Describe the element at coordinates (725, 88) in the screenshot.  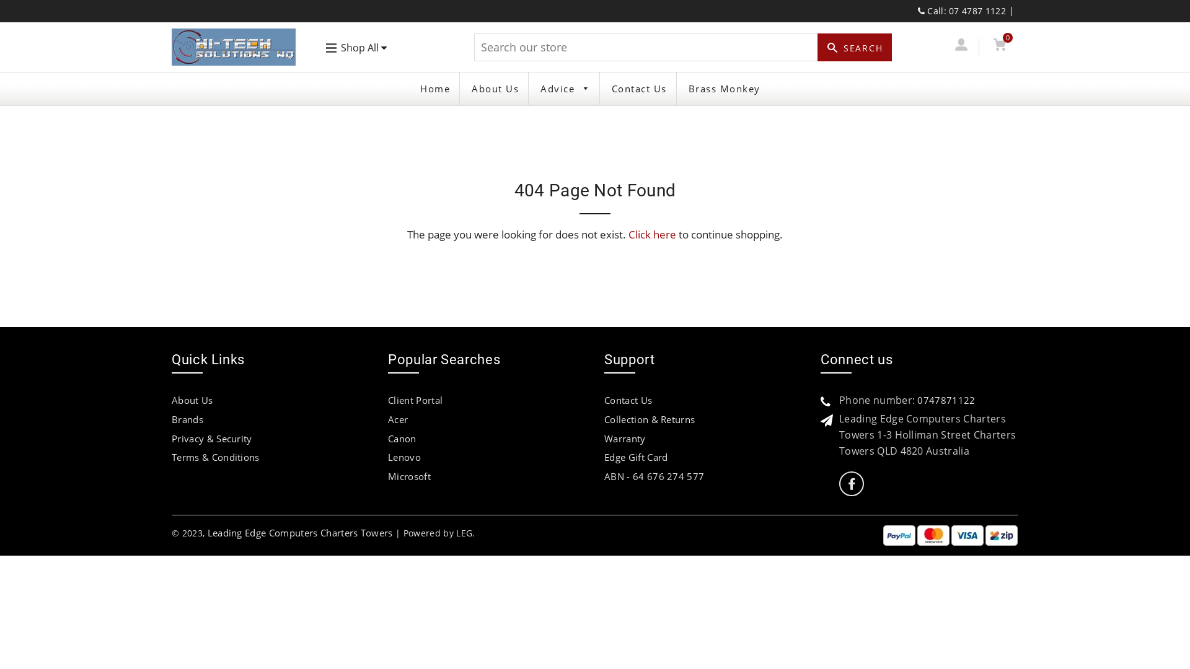
I see `'Brass Monkey'` at that location.